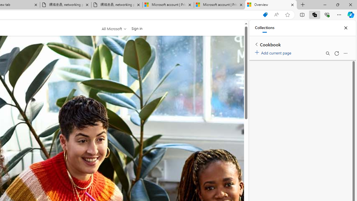 The height and width of the screenshot is (201, 357). What do you see at coordinates (256, 44) in the screenshot?
I see `'Back to list of collections'` at bounding box center [256, 44].